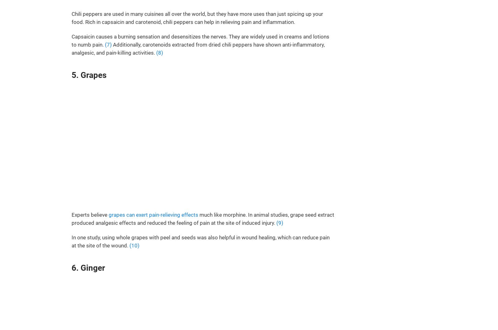  What do you see at coordinates (134, 245) in the screenshot?
I see `'(10)'` at bounding box center [134, 245].